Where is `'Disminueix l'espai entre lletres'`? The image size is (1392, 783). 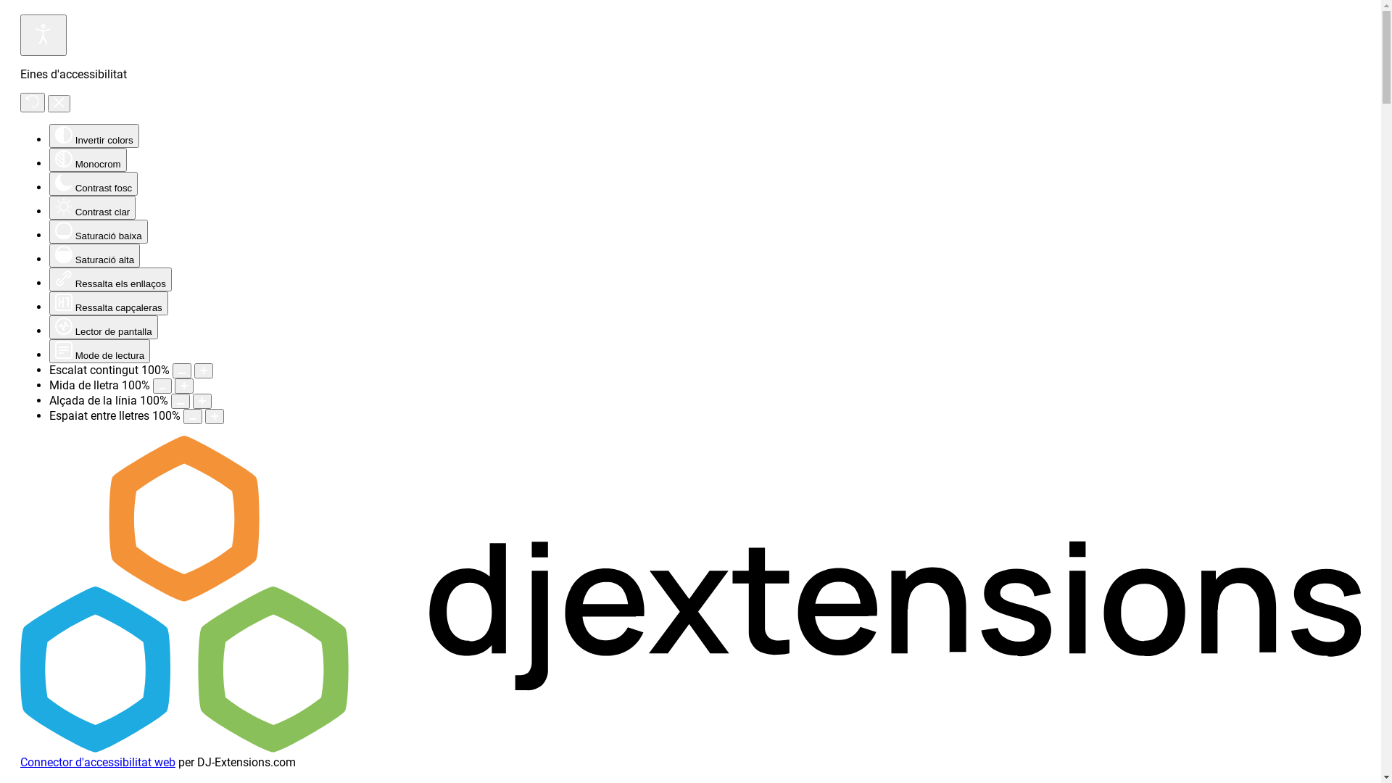 'Disminueix l'espai entre lletres' is located at coordinates (183, 416).